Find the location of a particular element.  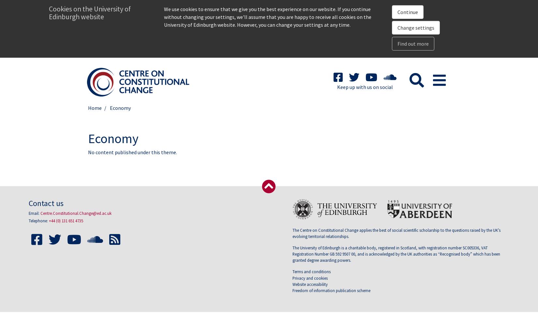

'Keep up with us on social' is located at coordinates (337, 87).